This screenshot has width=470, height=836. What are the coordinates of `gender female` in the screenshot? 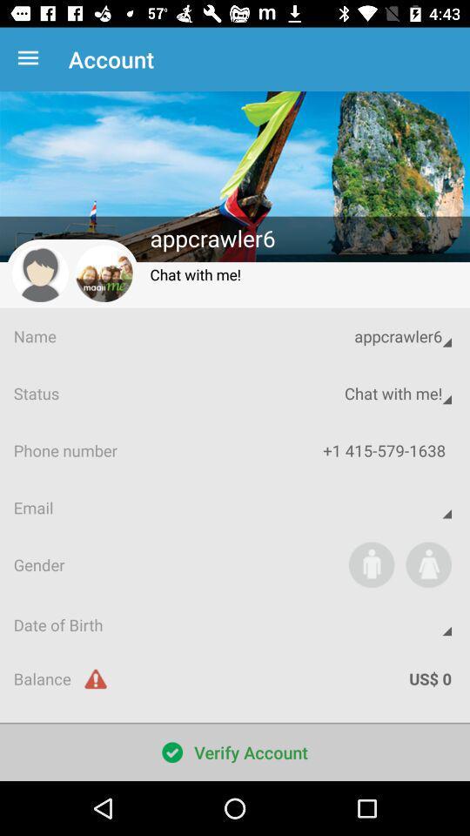 It's located at (427, 563).